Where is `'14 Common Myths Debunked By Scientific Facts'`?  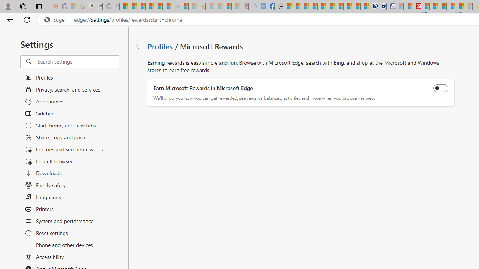
'14 Common Myths Debunked By Scientific Facts' is located at coordinates (434, 6).